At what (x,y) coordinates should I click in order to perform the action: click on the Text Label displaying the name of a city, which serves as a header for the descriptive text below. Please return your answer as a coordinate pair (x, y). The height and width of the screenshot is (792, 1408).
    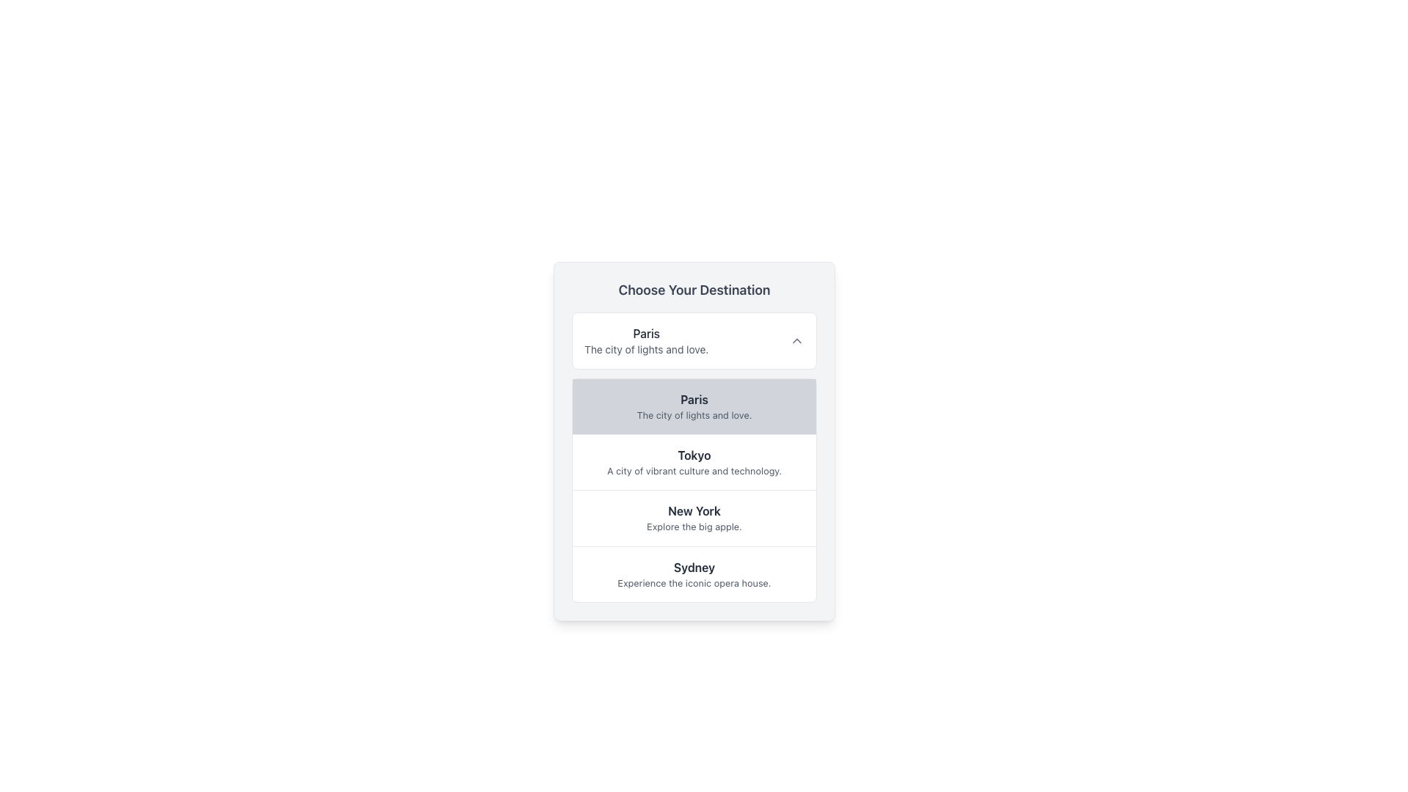
    Looking at the image, I should click on (645, 334).